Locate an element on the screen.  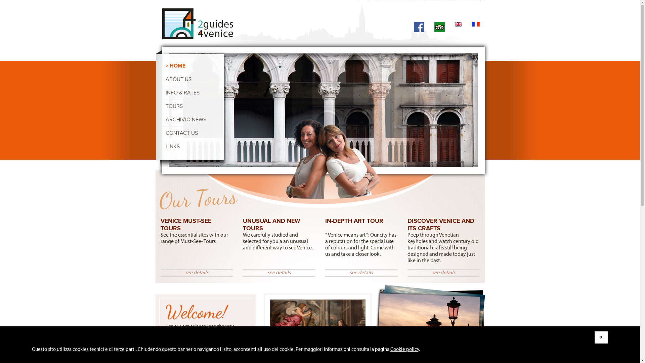
'ARCHIVIO NEWS' is located at coordinates (165, 119).